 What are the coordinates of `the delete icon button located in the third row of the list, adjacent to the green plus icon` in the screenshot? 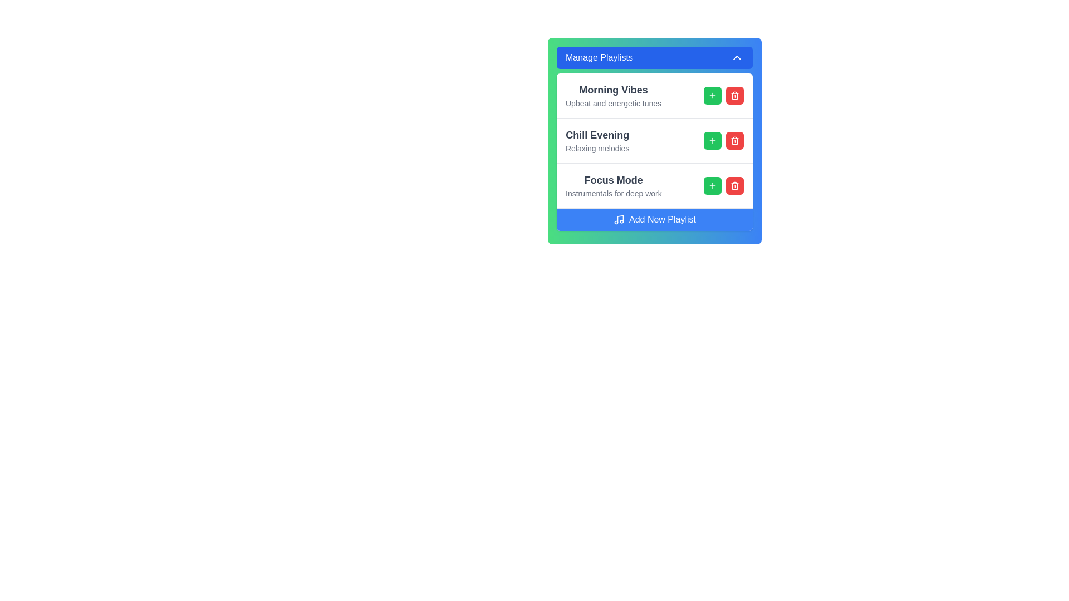 It's located at (735, 185).